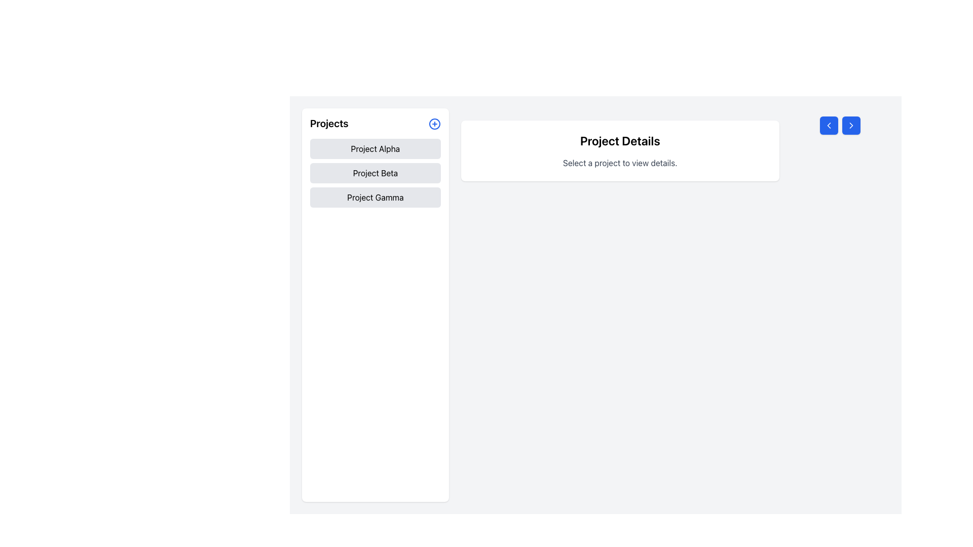  I want to click on the circular outline of the plus-circle icon located in the top-right corner of the 'Projects' sidebar section, so click(434, 123).